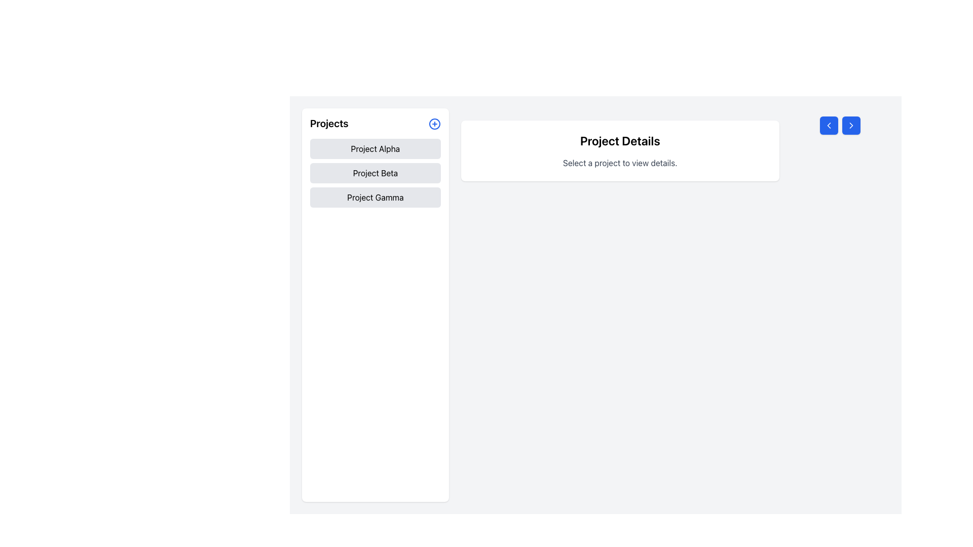  I want to click on the circular outline of the plus-circle icon located in the top-right corner of the 'Projects' sidebar section, so click(434, 123).